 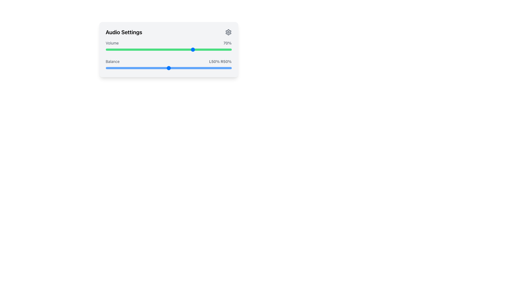 What do you see at coordinates (191, 49) in the screenshot?
I see `the volume level` at bounding box center [191, 49].